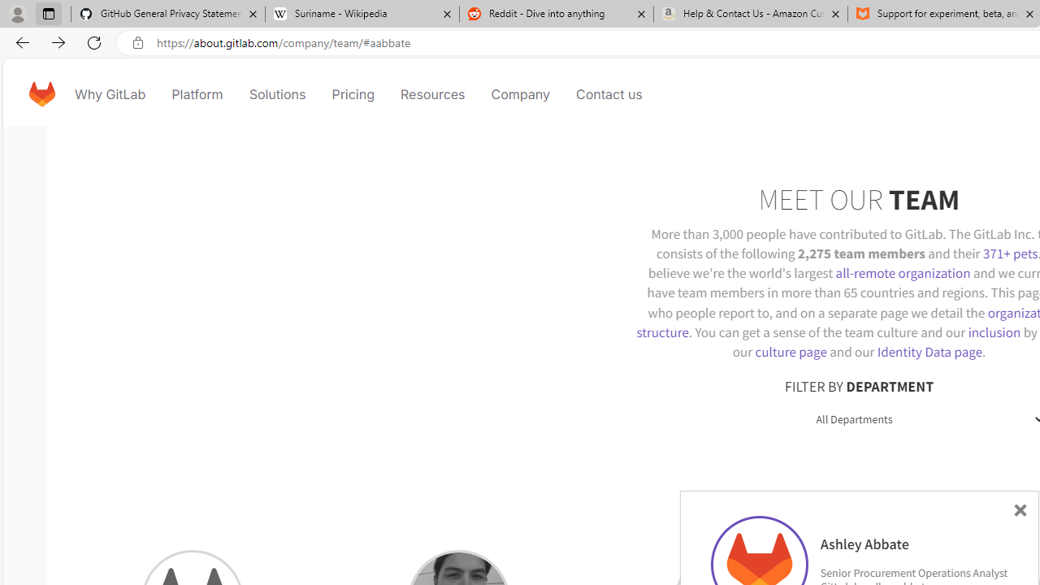 The width and height of the screenshot is (1040, 585). I want to click on 'Resources', so click(432, 93).